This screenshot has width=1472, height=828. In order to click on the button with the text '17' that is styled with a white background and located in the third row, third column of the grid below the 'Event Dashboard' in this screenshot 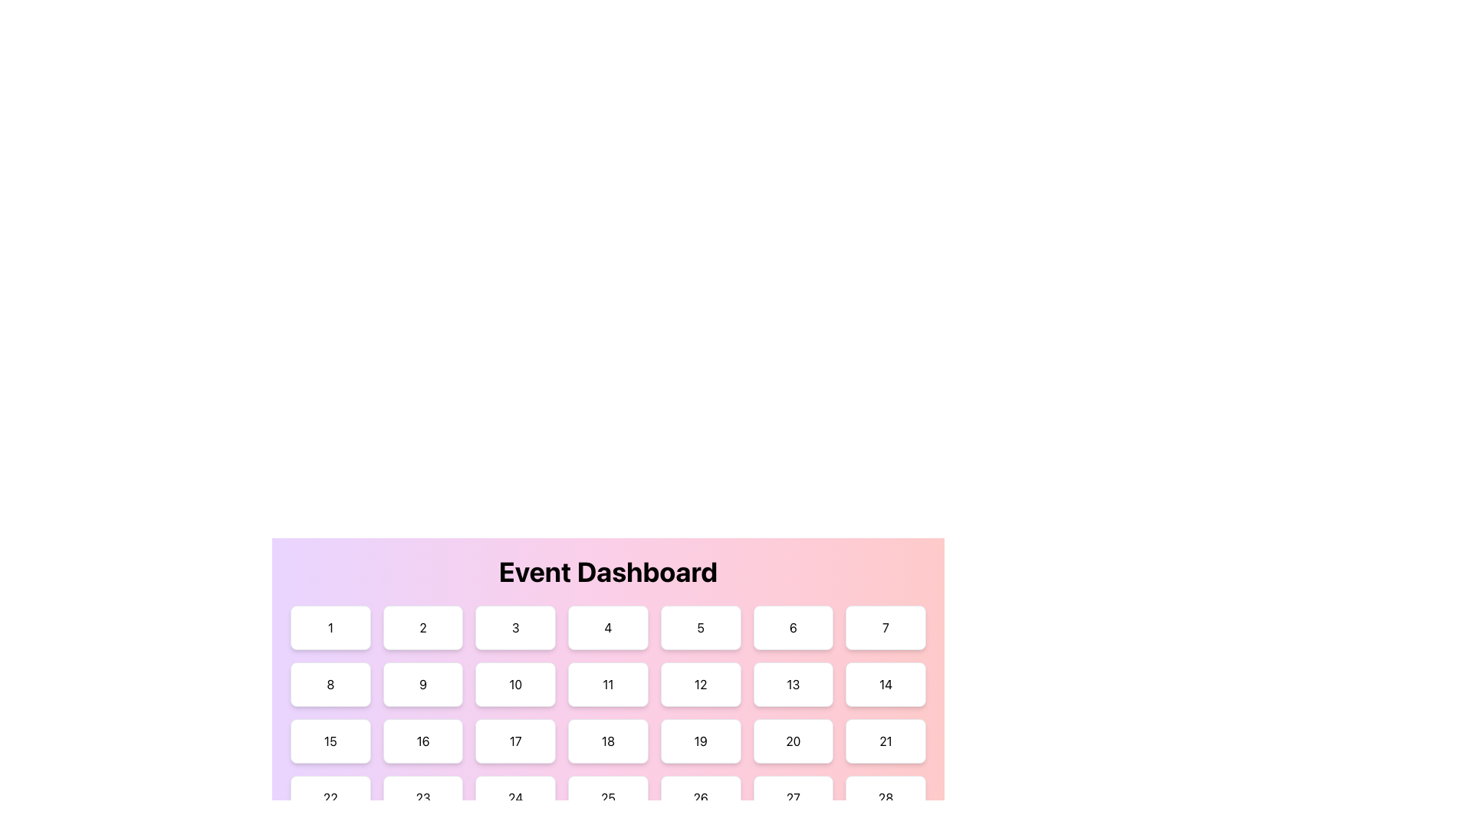, I will do `click(515, 741)`.